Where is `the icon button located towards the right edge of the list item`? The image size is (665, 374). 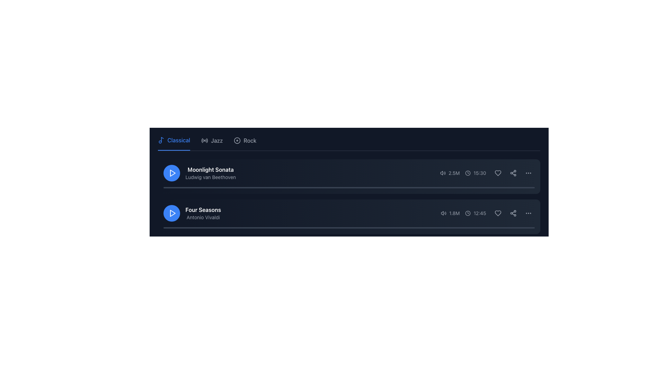 the icon button located towards the right edge of the list item is located at coordinates (528, 173).